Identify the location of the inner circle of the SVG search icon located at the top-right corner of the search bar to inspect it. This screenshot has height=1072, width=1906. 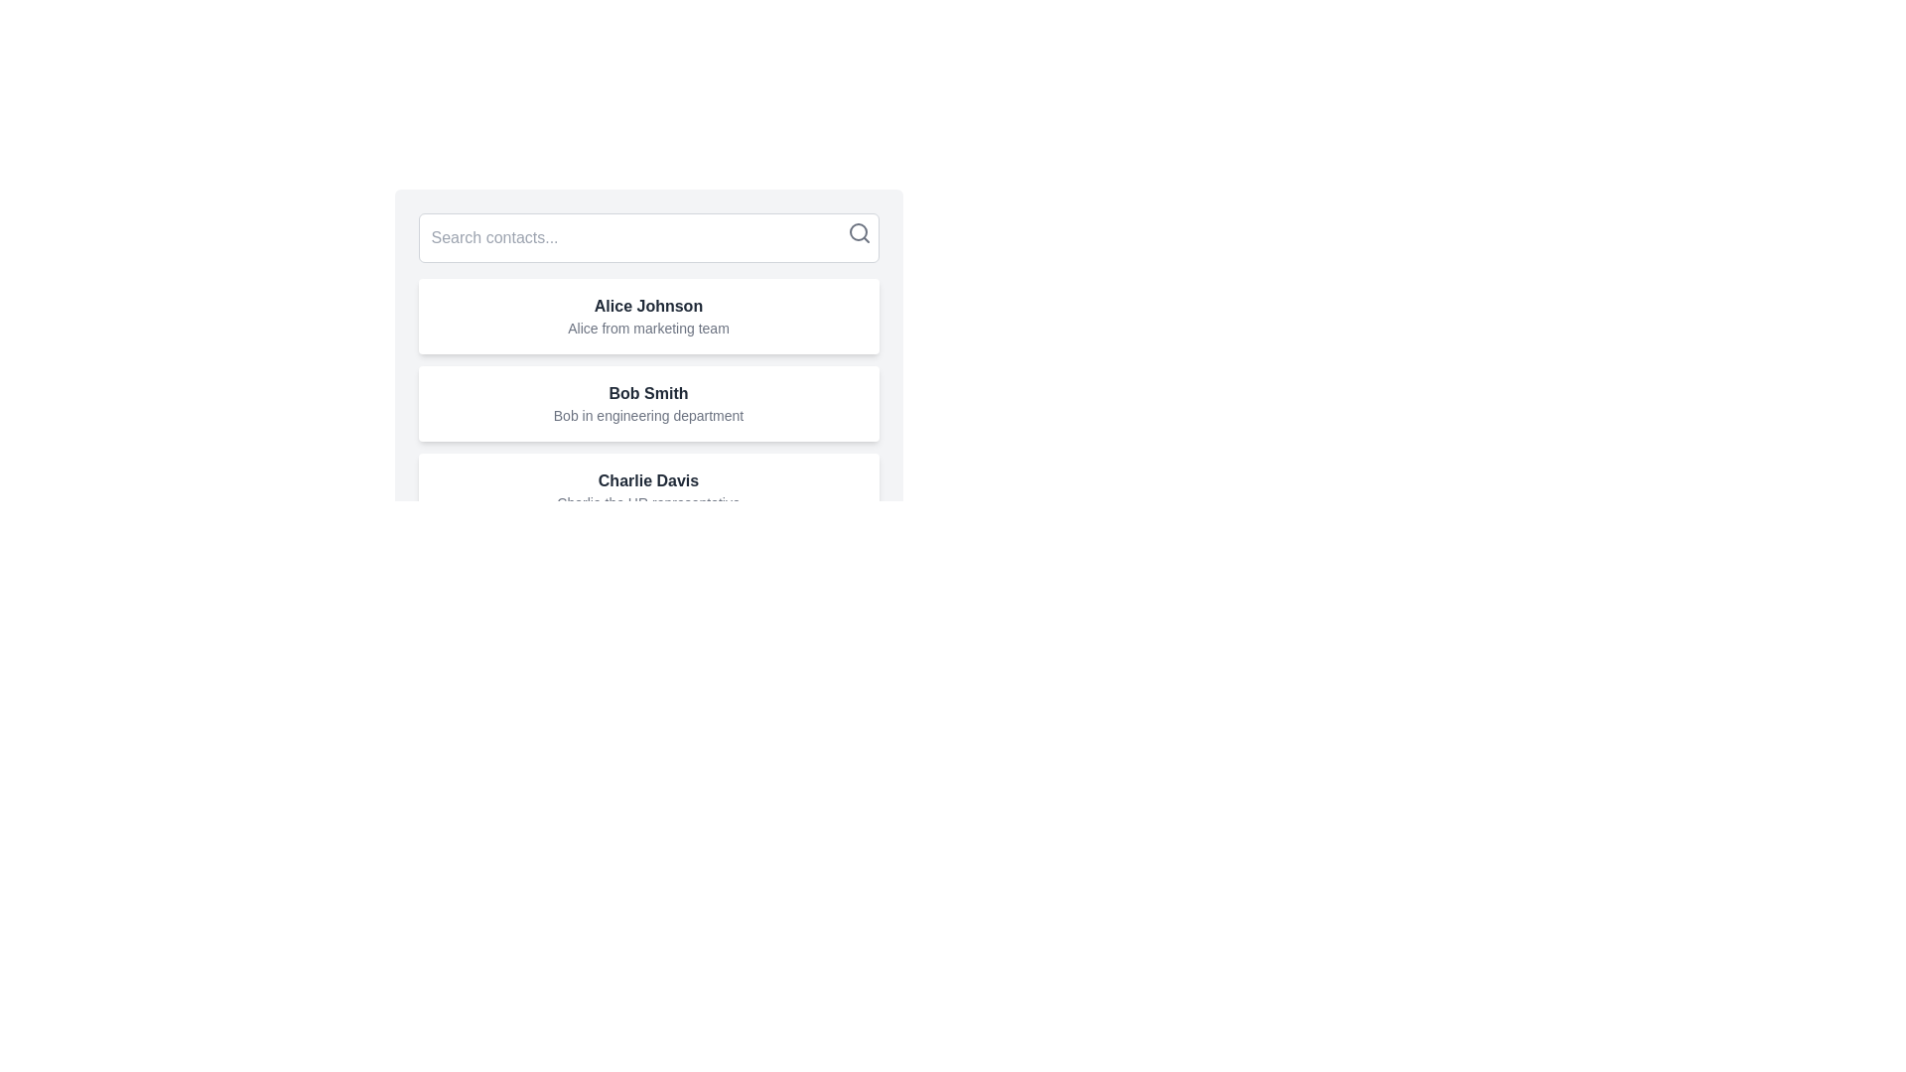
(858, 231).